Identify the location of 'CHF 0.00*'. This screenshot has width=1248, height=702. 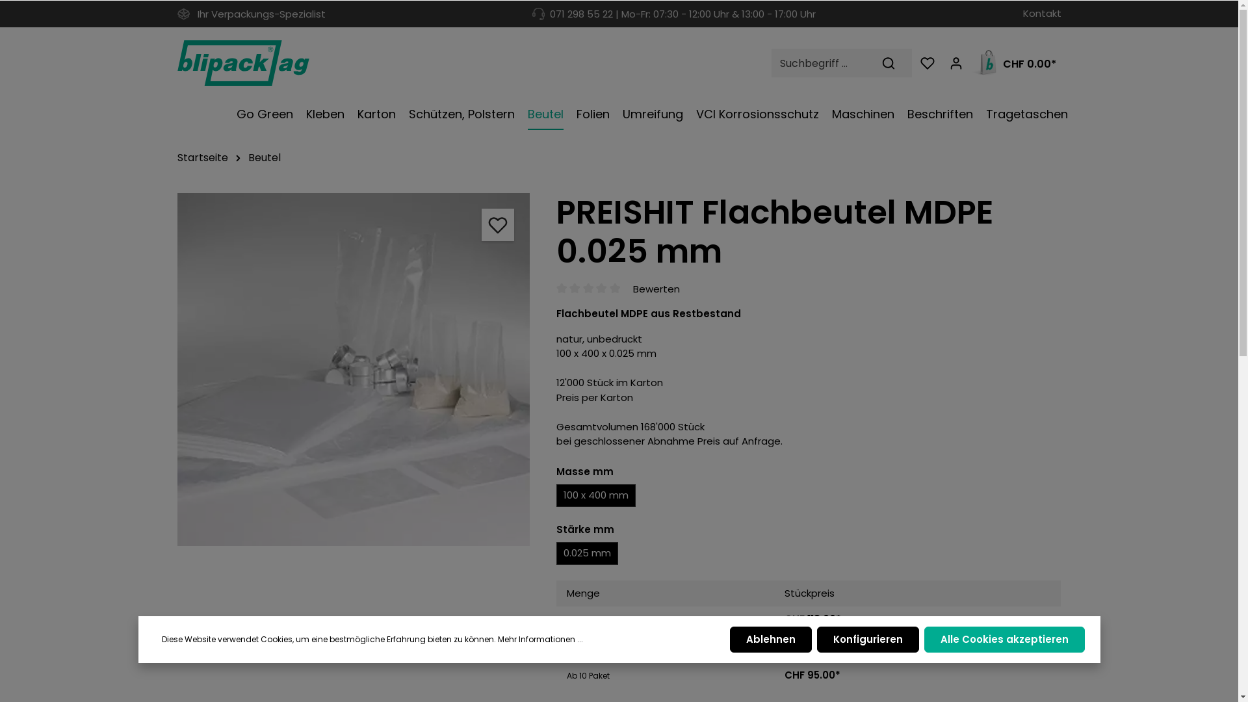
(970, 62).